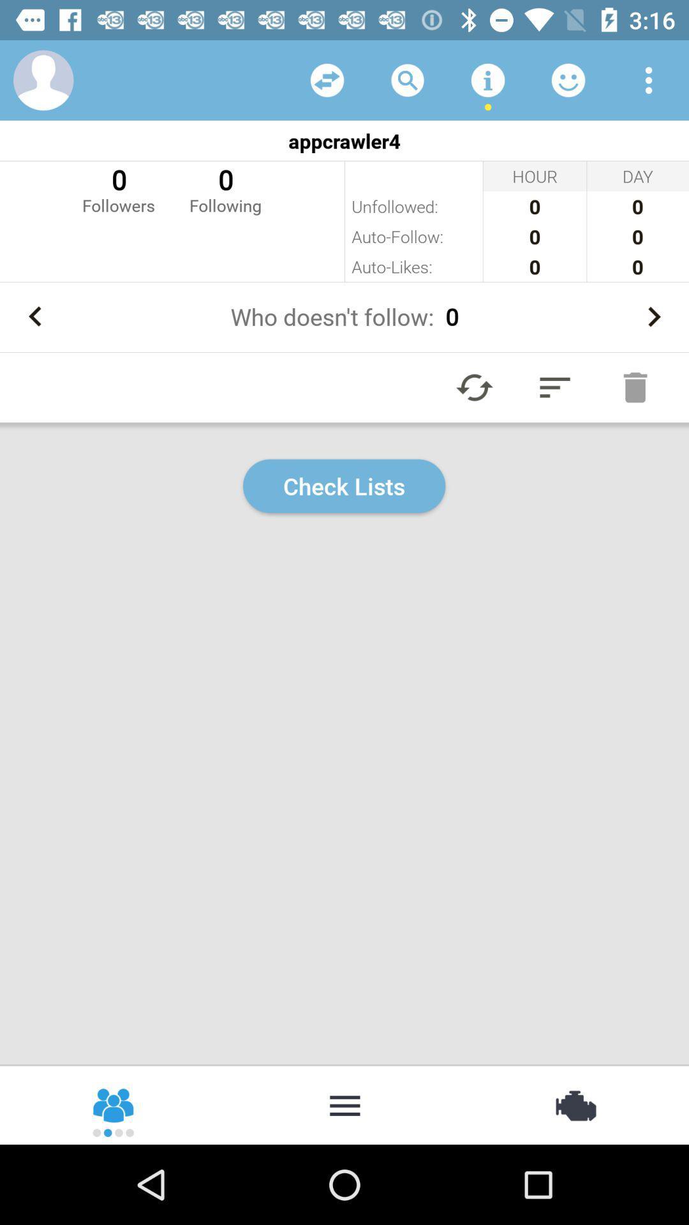 The width and height of the screenshot is (689, 1225). What do you see at coordinates (487, 79) in the screenshot?
I see `option right to search icon` at bounding box center [487, 79].